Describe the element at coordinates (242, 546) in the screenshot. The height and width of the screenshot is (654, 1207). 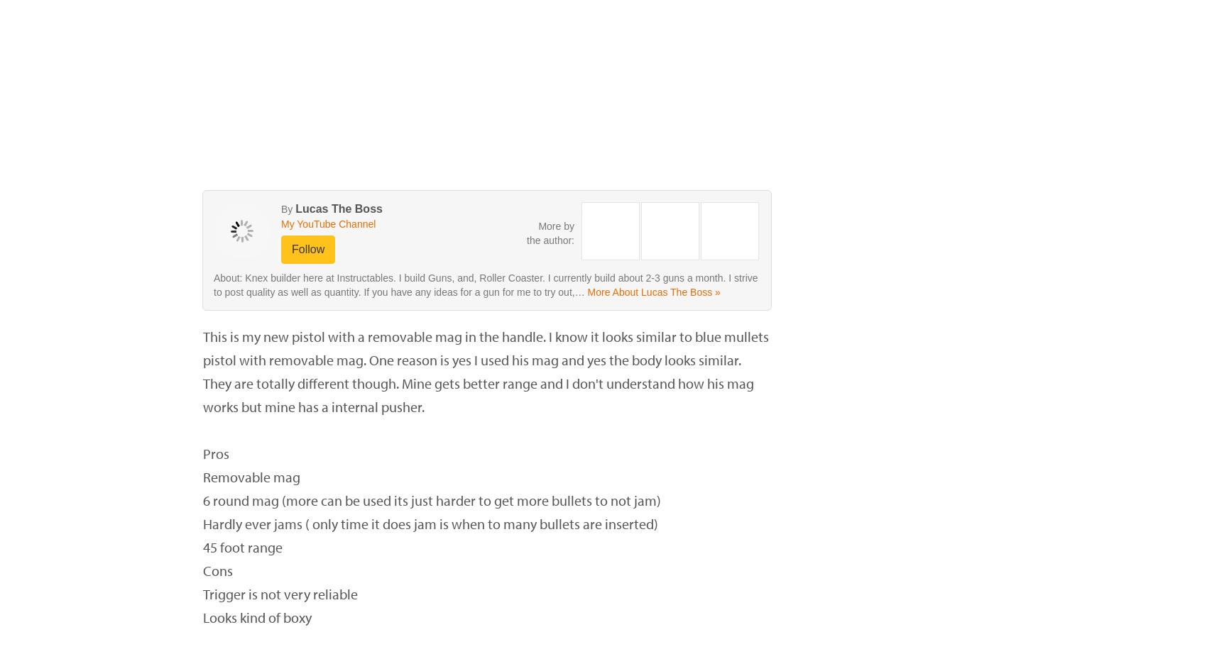
I see `'45 foot range'` at that location.